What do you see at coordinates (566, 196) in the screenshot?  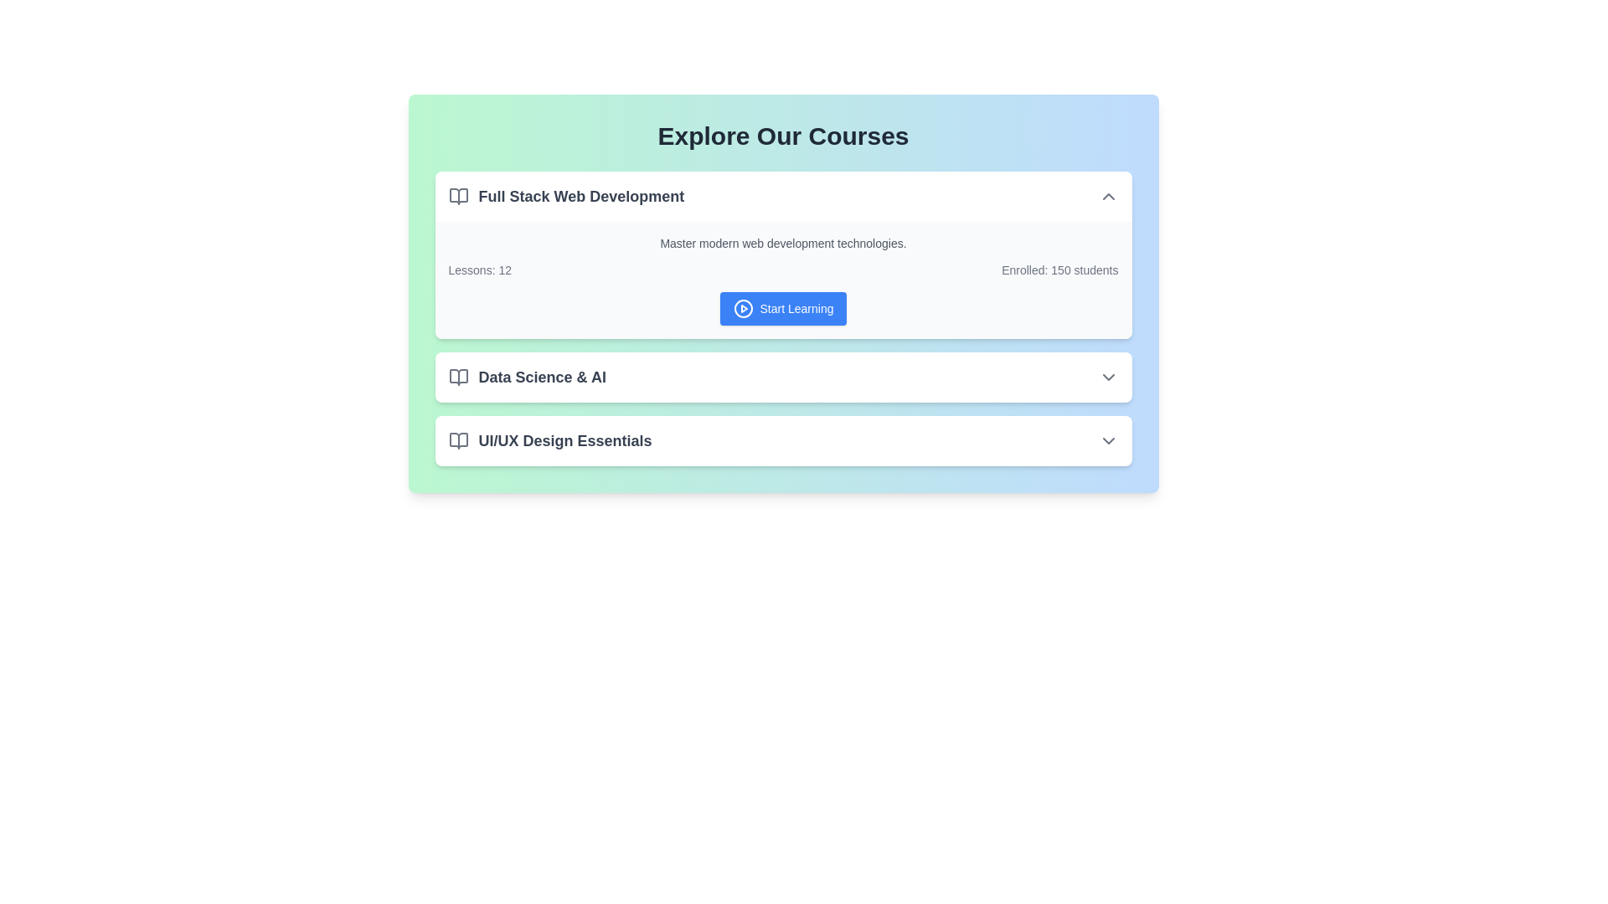 I see `the text label that denotes the name or title of the course, located in the upper section of the highlighted course card, if it serves as a link` at bounding box center [566, 196].